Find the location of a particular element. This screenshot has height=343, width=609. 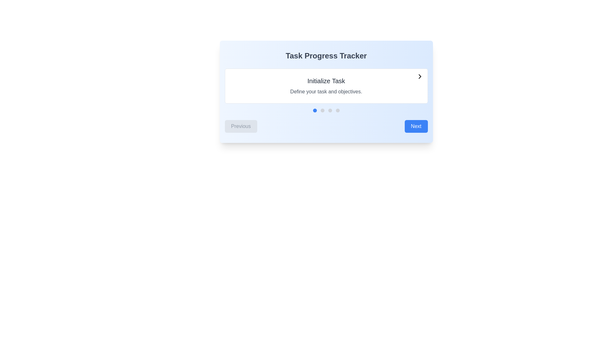

the second gray circular dot in the progress tracker component located under the 'Initialize Task' area is located at coordinates (322, 110).